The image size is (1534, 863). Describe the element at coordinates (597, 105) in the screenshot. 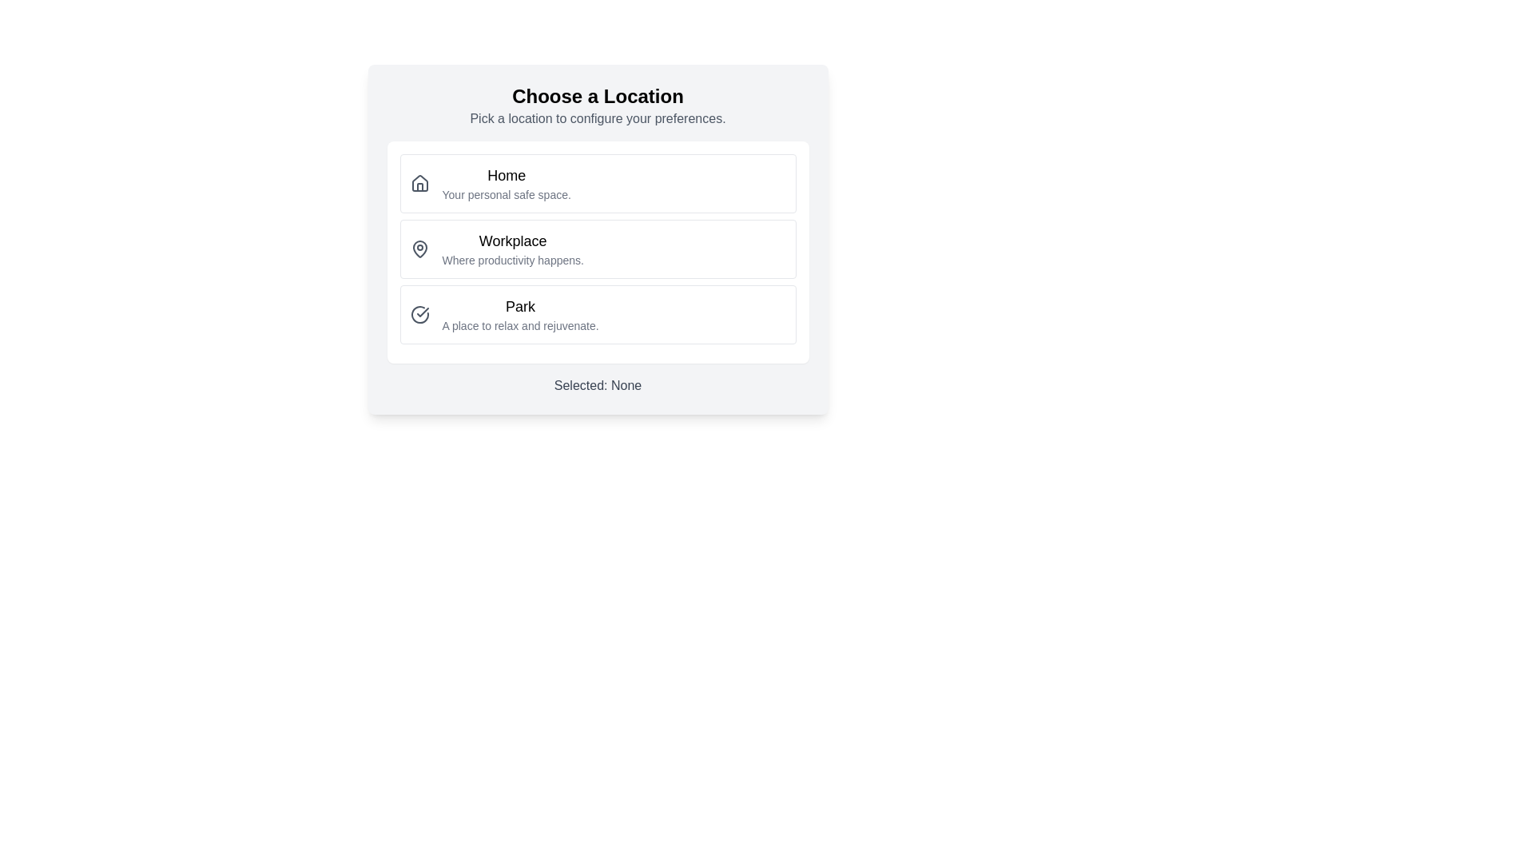

I see `the text block that displays 'Choose a Location' and 'Pick a location to configure your preferences.' which is centrally aligned within a light gray background` at that location.